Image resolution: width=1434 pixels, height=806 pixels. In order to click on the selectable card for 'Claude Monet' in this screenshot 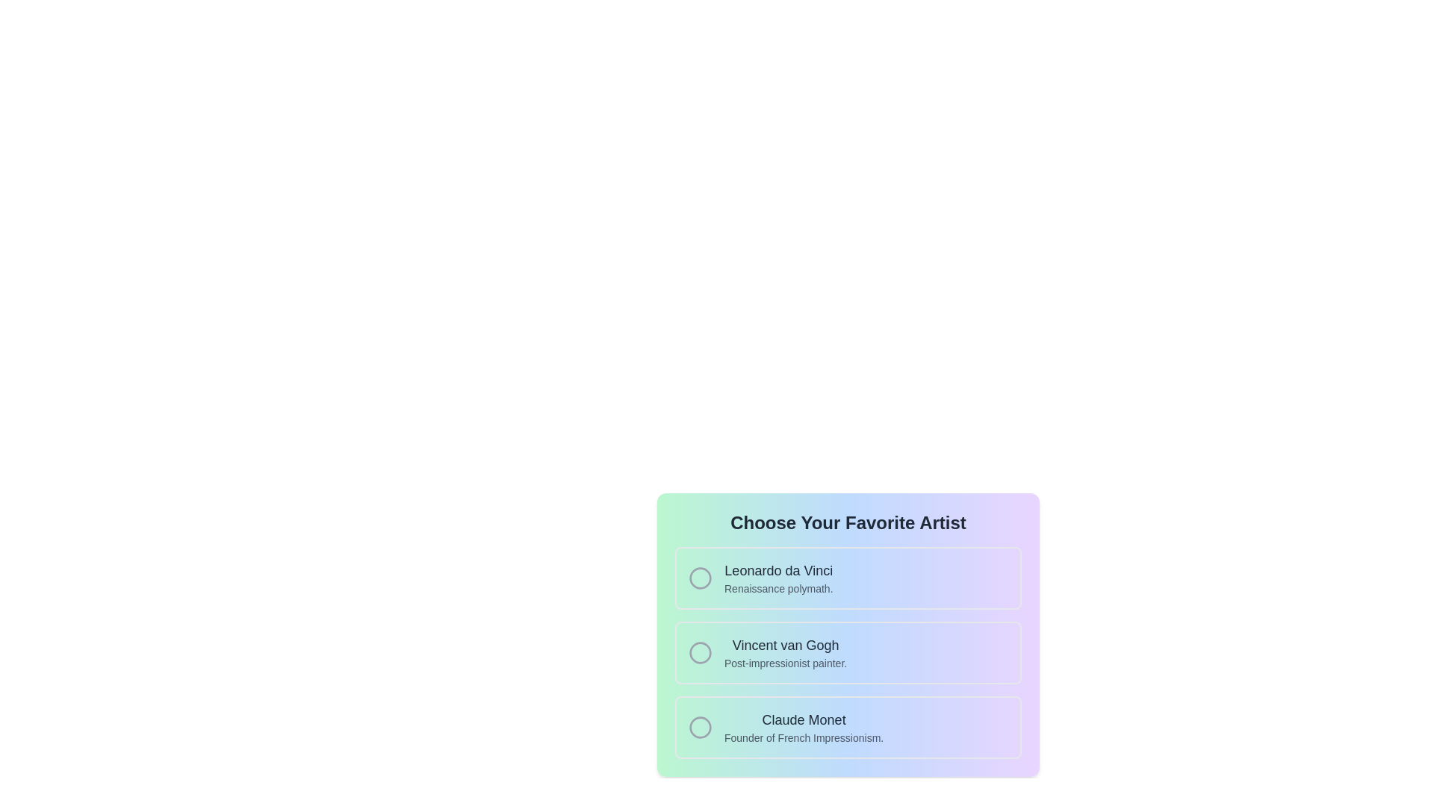, I will do `click(848, 727)`.